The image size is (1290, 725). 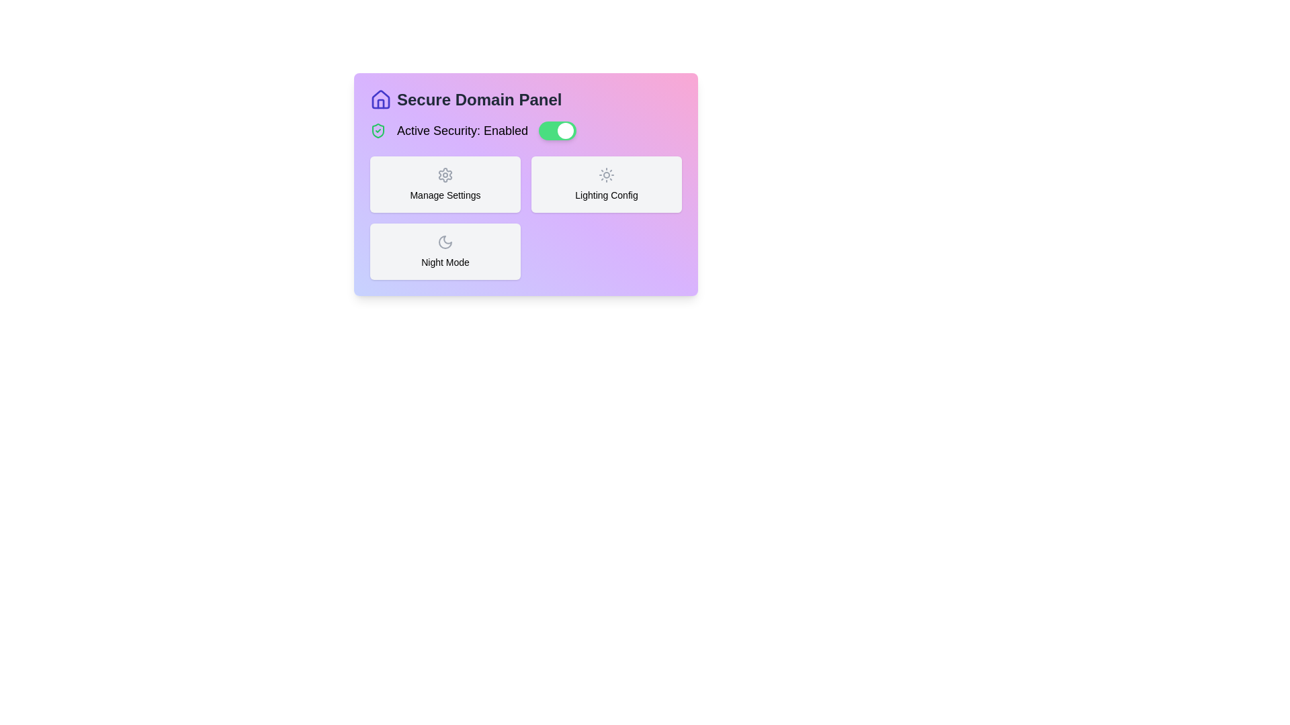 I want to click on text label that describes the lighting configuration feature, located below the sun icon and part of the rightmost button in the second row of the interactive interface, so click(x=605, y=195).